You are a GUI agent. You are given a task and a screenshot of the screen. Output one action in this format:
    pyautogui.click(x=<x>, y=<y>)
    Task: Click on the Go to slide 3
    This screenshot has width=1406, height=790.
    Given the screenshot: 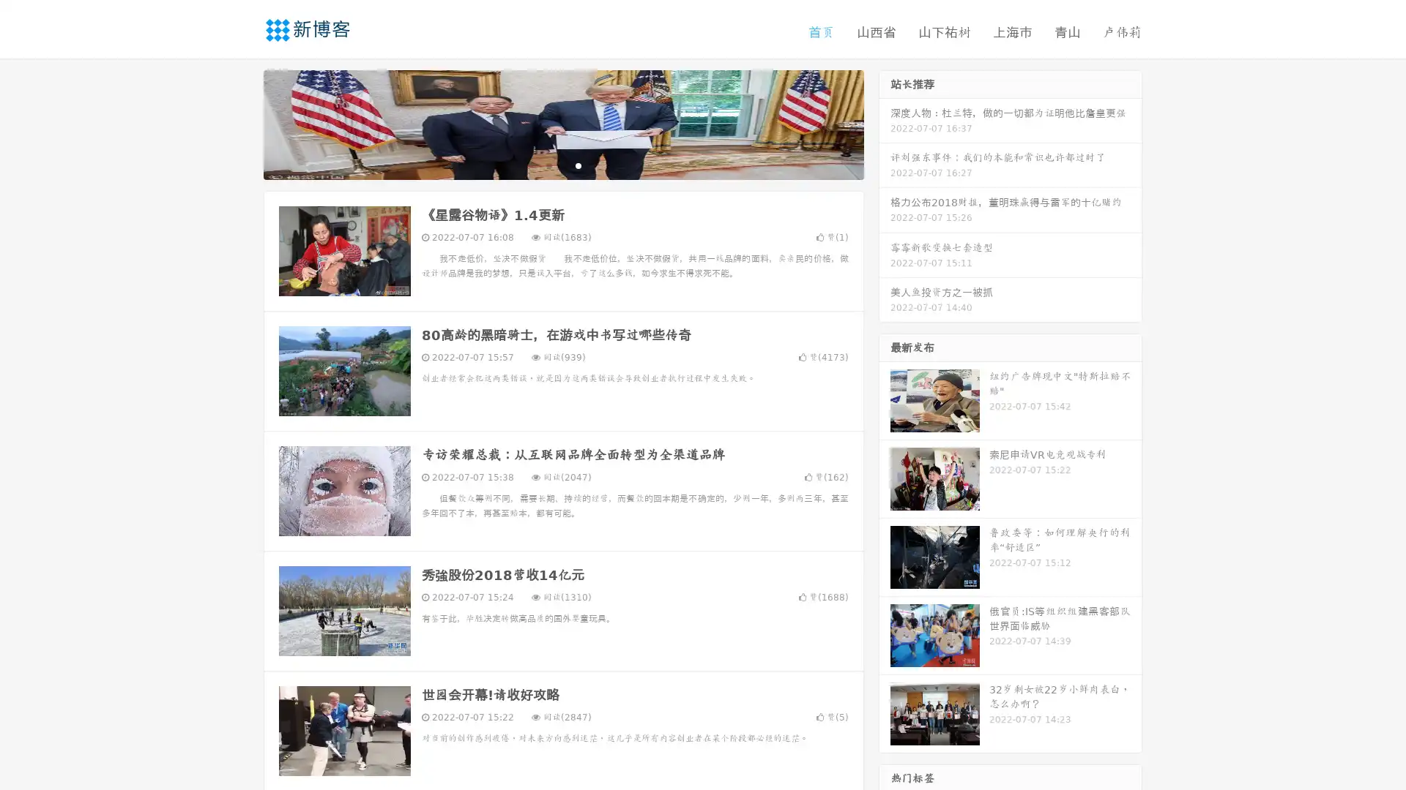 What is the action you would take?
    pyautogui.click(x=578, y=165)
    